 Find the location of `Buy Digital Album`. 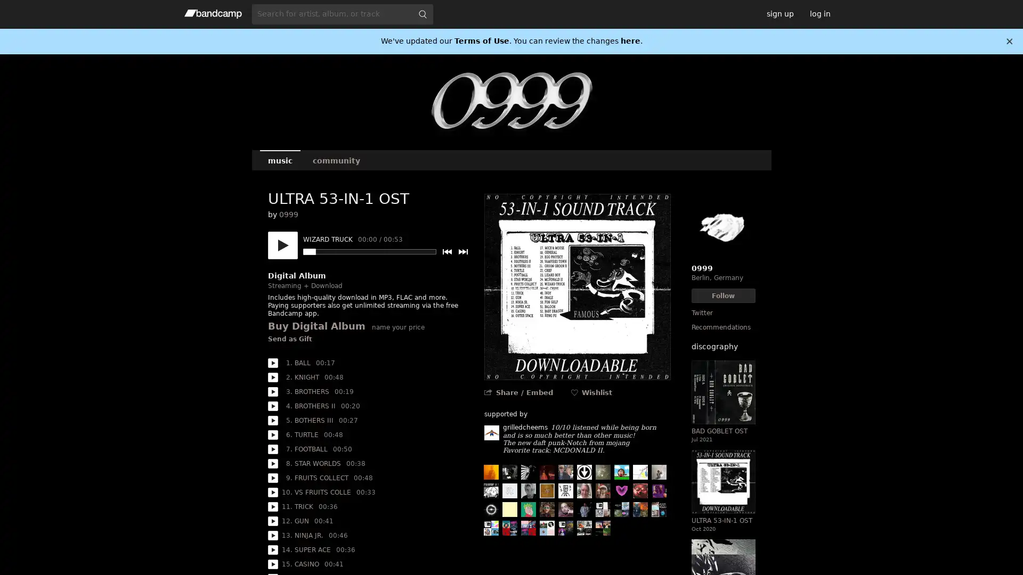

Buy Digital Album is located at coordinates (315, 326).